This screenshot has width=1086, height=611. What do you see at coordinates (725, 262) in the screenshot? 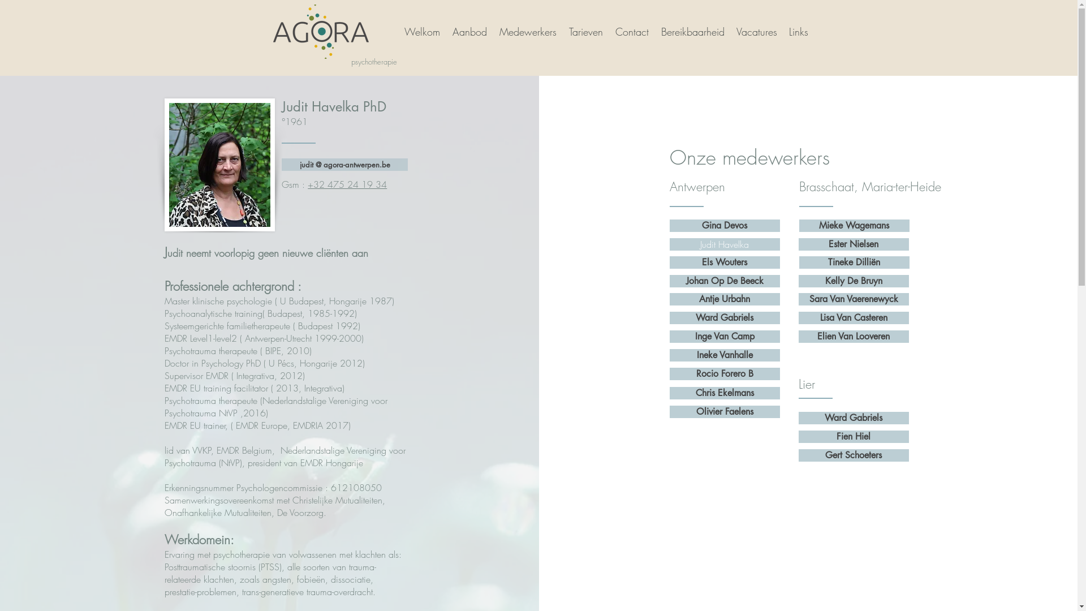
I see `'Els Wouters'` at bounding box center [725, 262].